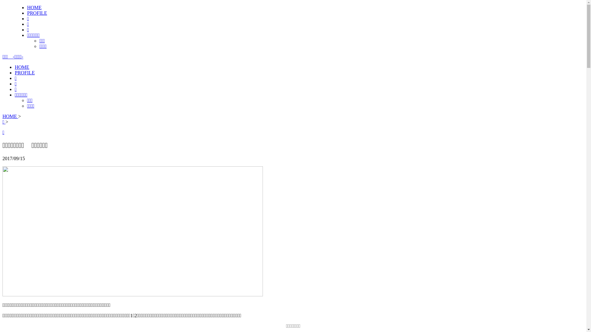  What do you see at coordinates (10, 116) in the screenshot?
I see `'HOME'` at bounding box center [10, 116].